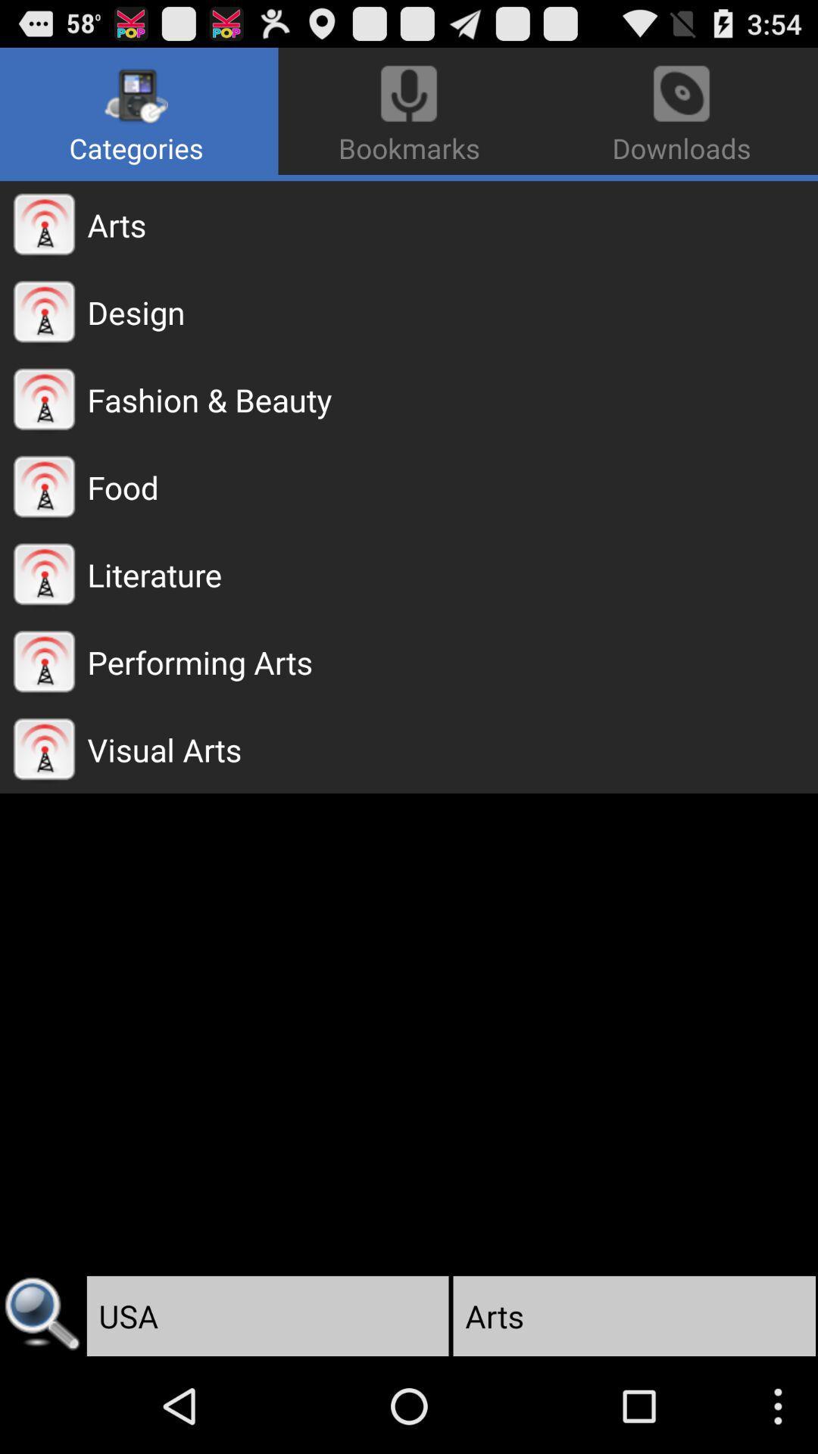 Image resolution: width=818 pixels, height=1454 pixels. Describe the element at coordinates (451, 749) in the screenshot. I see `the visual arts` at that location.